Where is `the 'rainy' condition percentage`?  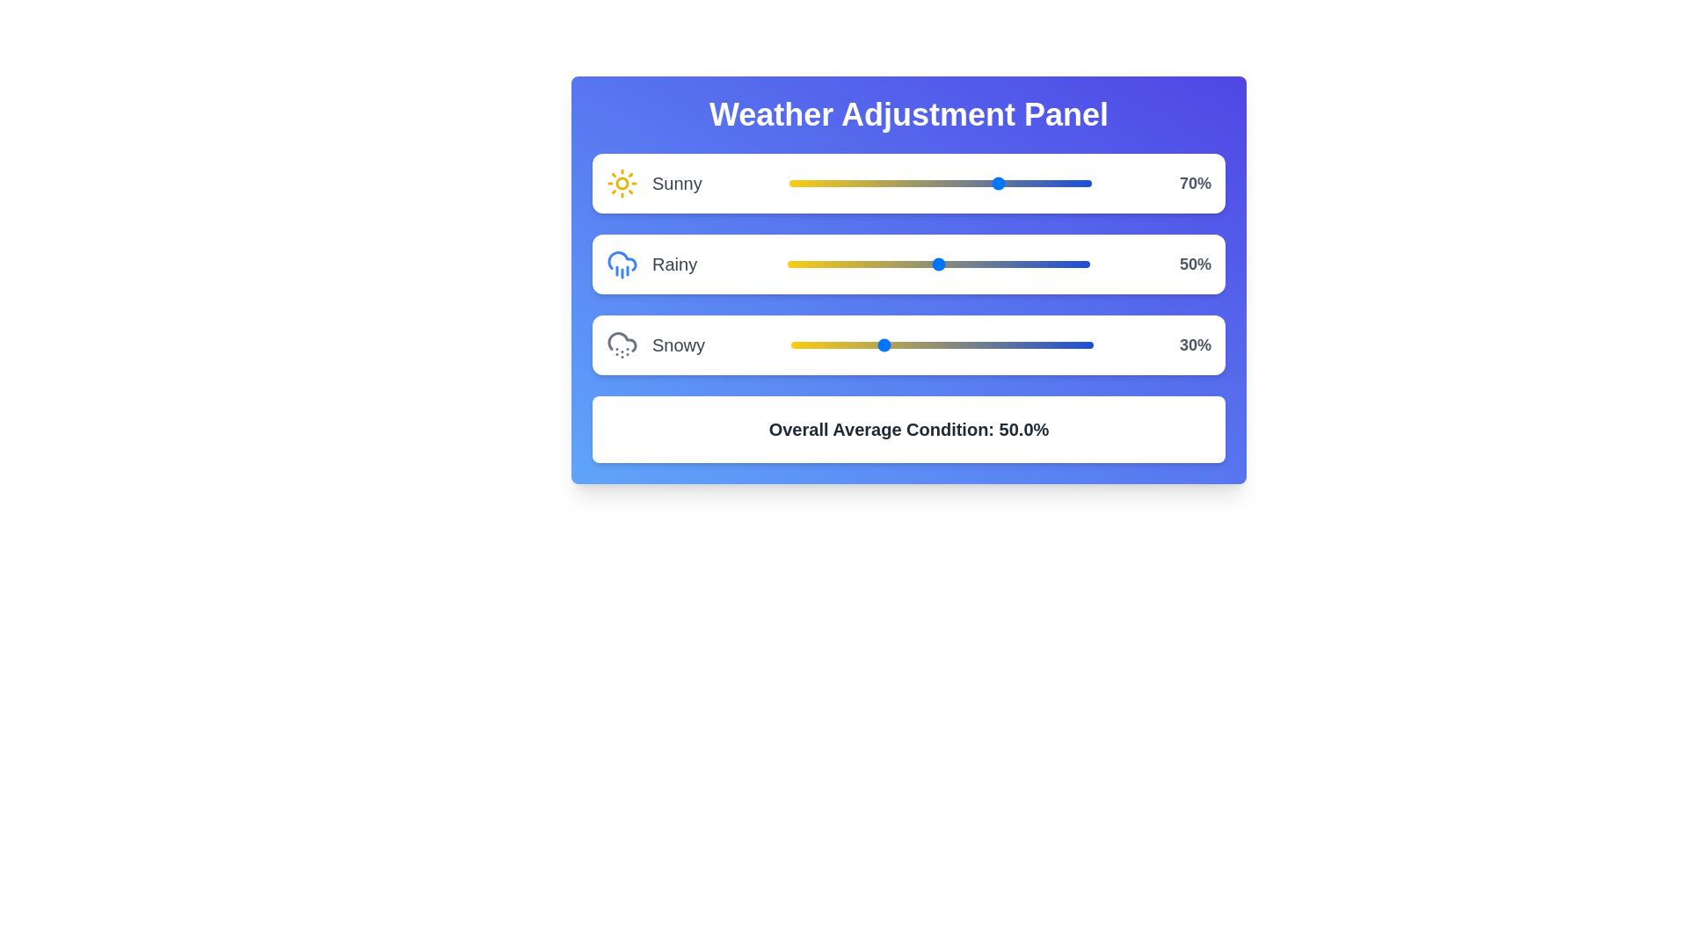 the 'rainy' condition percentage is located at coordinates (887, 264).